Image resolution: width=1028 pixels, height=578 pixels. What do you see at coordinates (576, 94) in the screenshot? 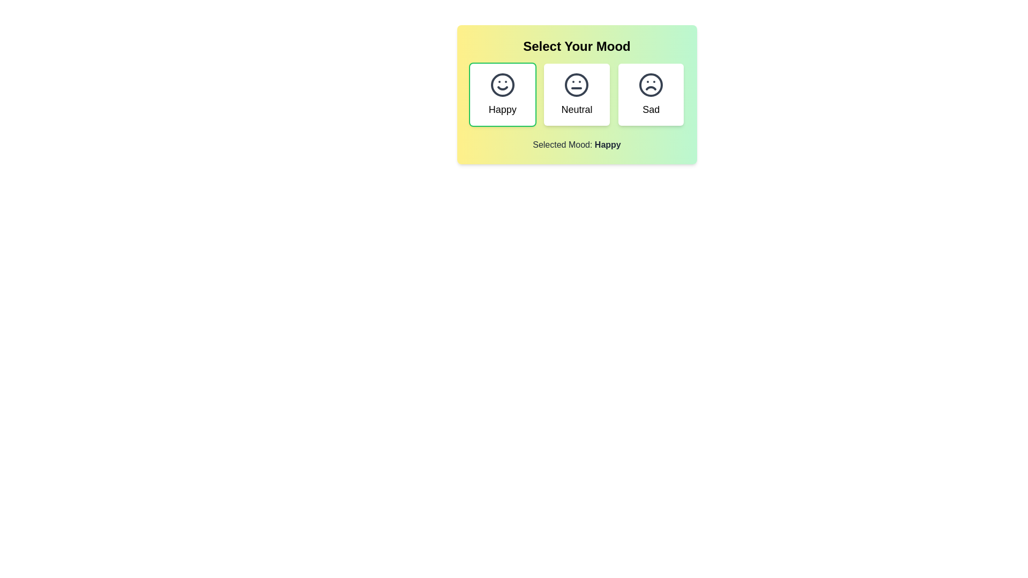
I see `the 'Neutral' mood option button` at bounding box center [576, 94].